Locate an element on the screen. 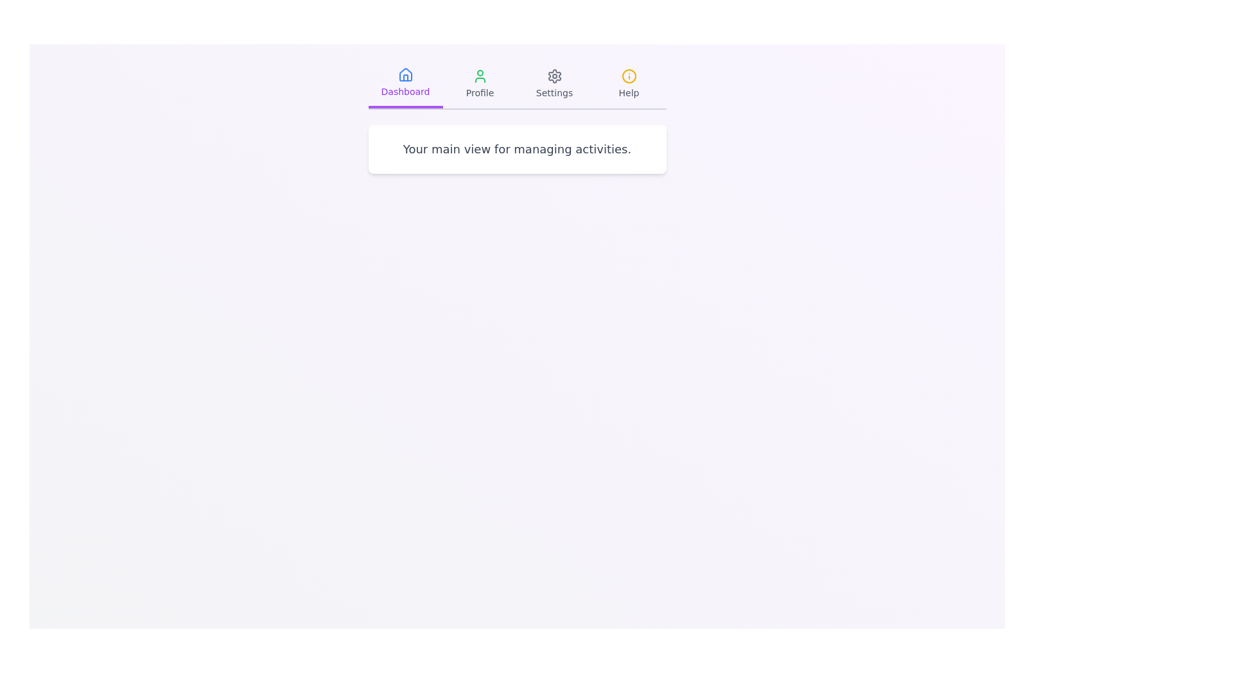 The height and width of the screenshot is (693, 1233). the tab labeled Dashboard is located at coordinates (405, 84).